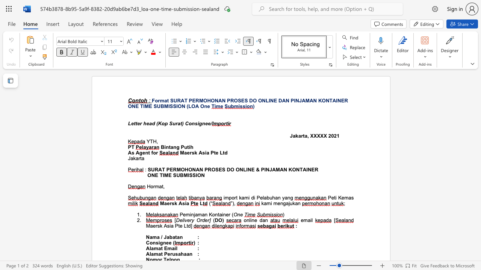 This screenshot has height=270, width=481. Describe the element at coordinates (165, 243) in the screenshot. I see `the subset text "ee" within the text "Consignee ("` at that location.